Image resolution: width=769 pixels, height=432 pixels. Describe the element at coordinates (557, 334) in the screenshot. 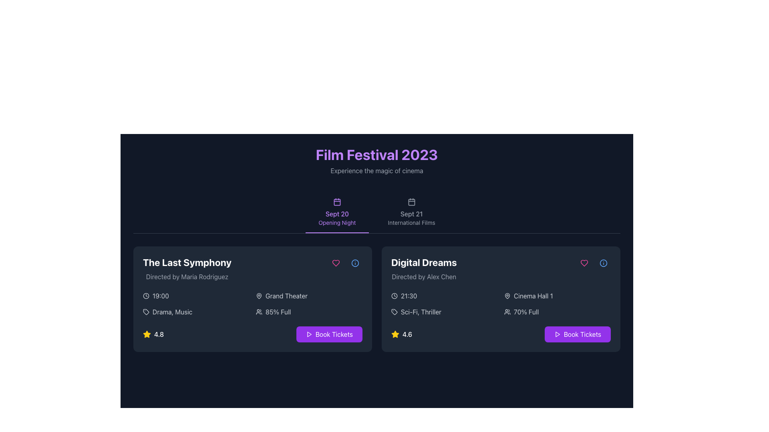

I see `the right-facing triangular play icon located in the bottom-right card titled 'Digital Dreams' within the 'Book Tickets' button` at that location.